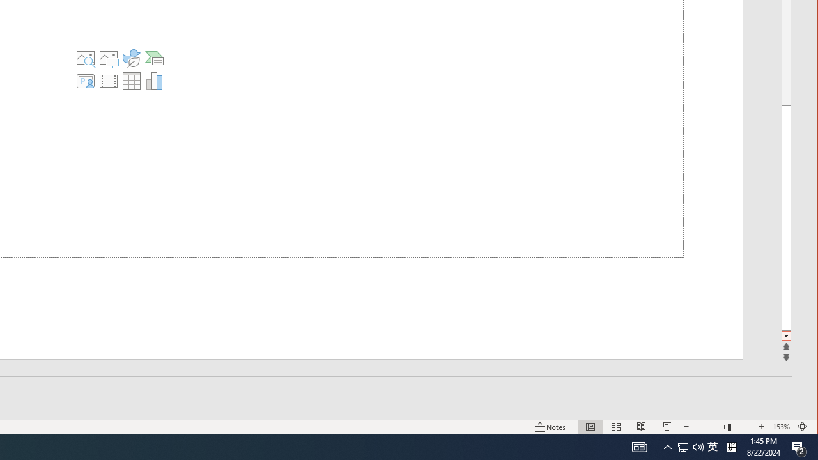 This screenshot has height=460, width=818. Describe the element at coordinates (108, 58) in the screenshot. I see `'Pictures'` at that location.